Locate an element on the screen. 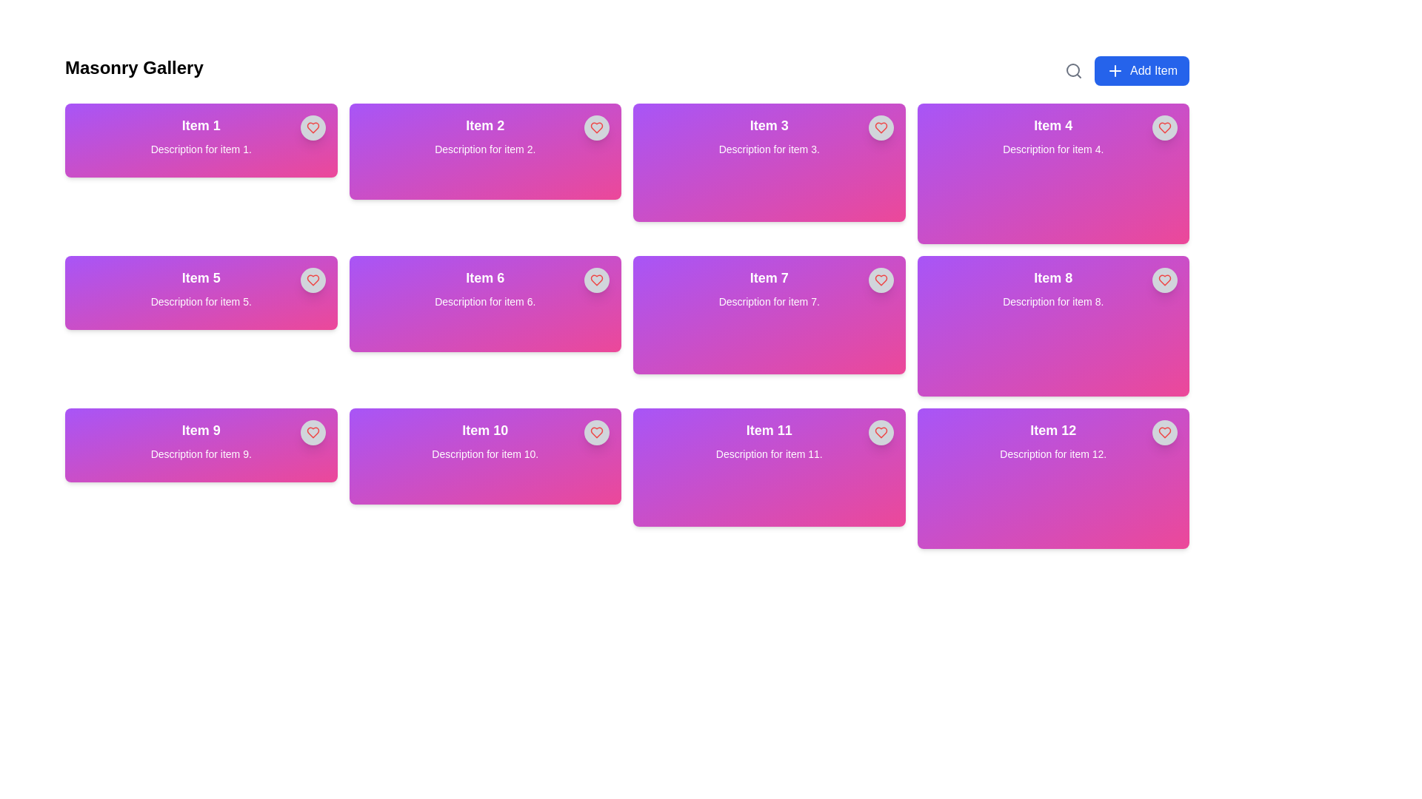 The height and width of the screenshot is (799, 1422). the heart icon button located at the top-right corner of the card labeled 'Item 6', which serves to like or favorite the card item is located at coordinates (597, 280).